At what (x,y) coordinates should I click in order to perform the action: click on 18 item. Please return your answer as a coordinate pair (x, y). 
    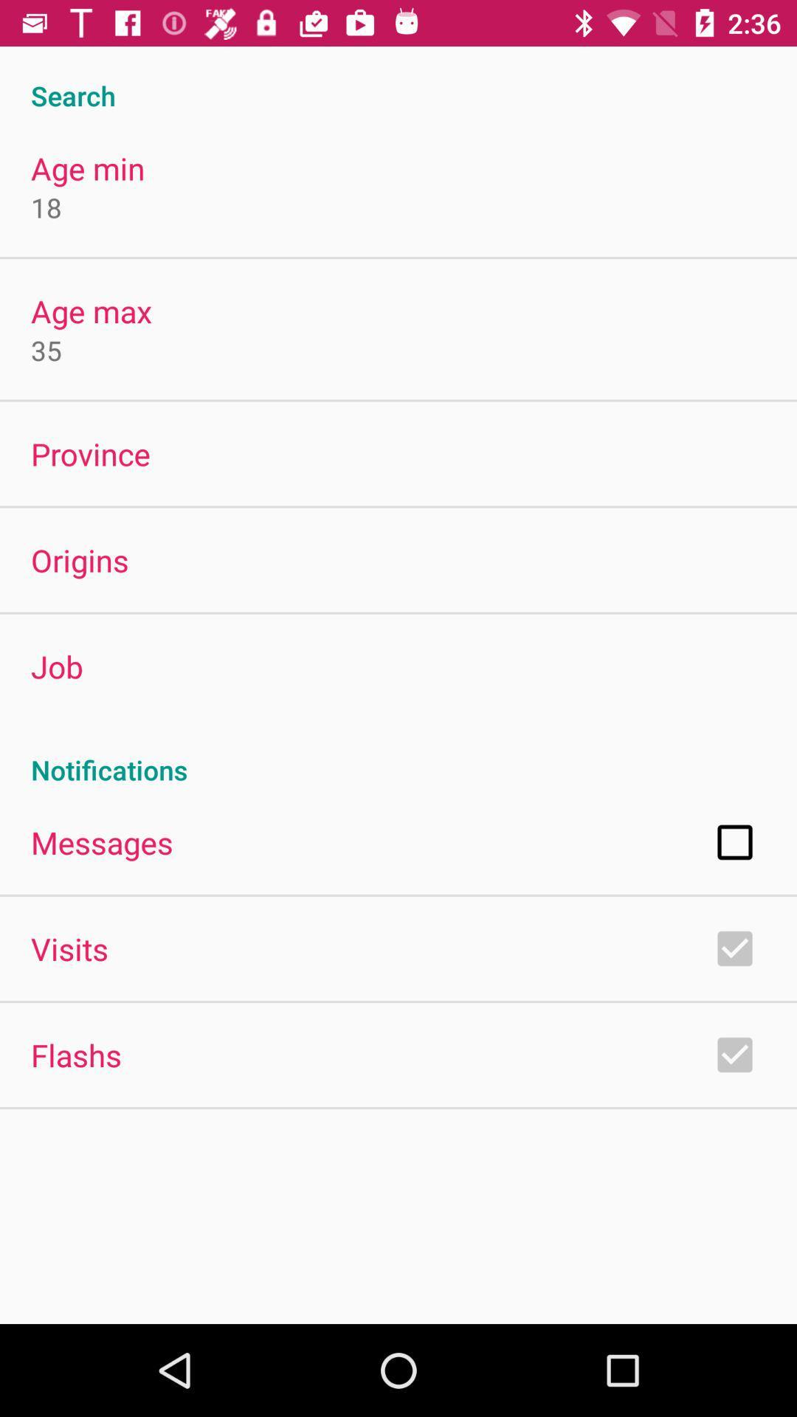
    Looking at the image, I should click on (45, 207).